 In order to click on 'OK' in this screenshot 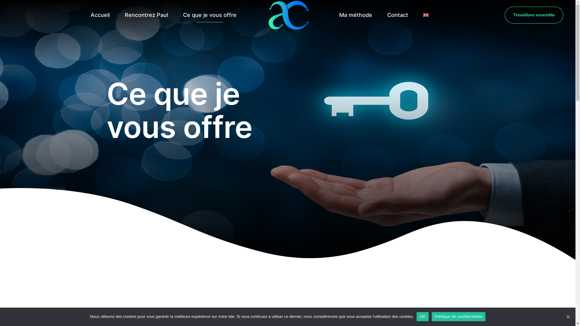, I will do `click(416, 316)`.